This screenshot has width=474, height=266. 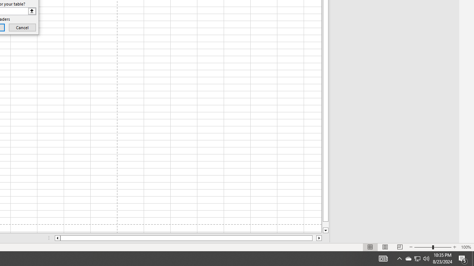 I want to click on 'Page Layout', so click(x=385, y=247).